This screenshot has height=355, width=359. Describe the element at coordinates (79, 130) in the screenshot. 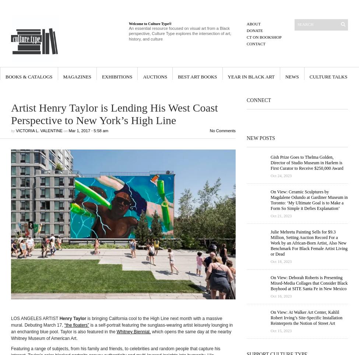

I see `'Mar 1, 2017'` at that location.